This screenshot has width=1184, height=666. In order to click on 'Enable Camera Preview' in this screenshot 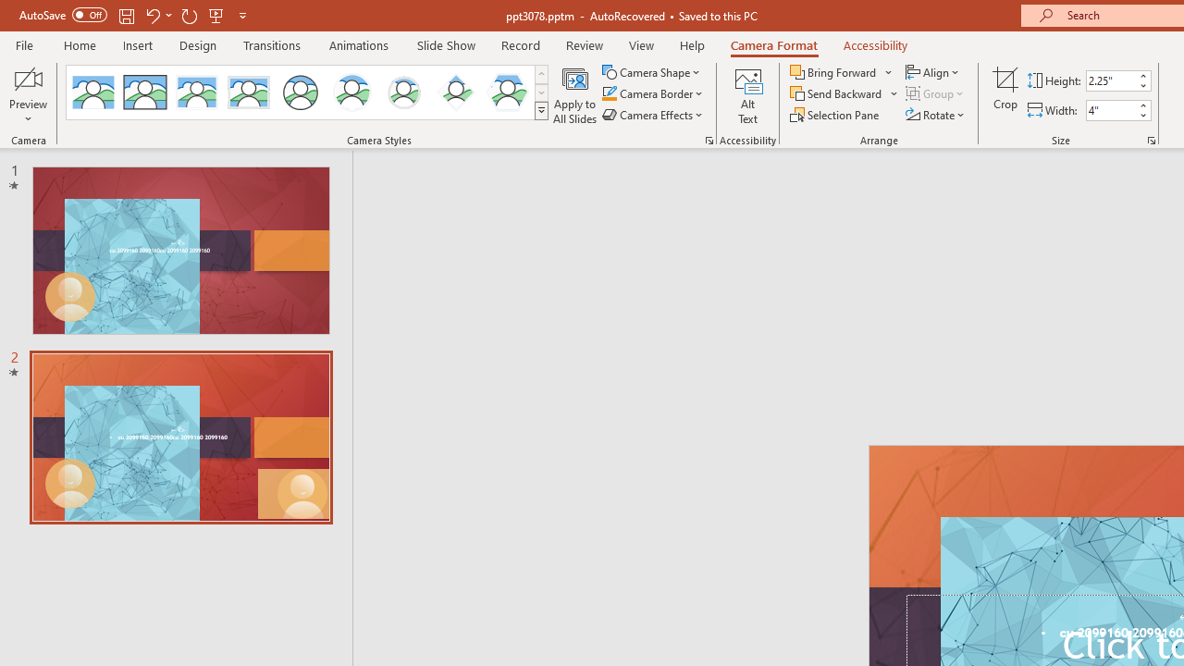, I will do `click(28, 78)`.